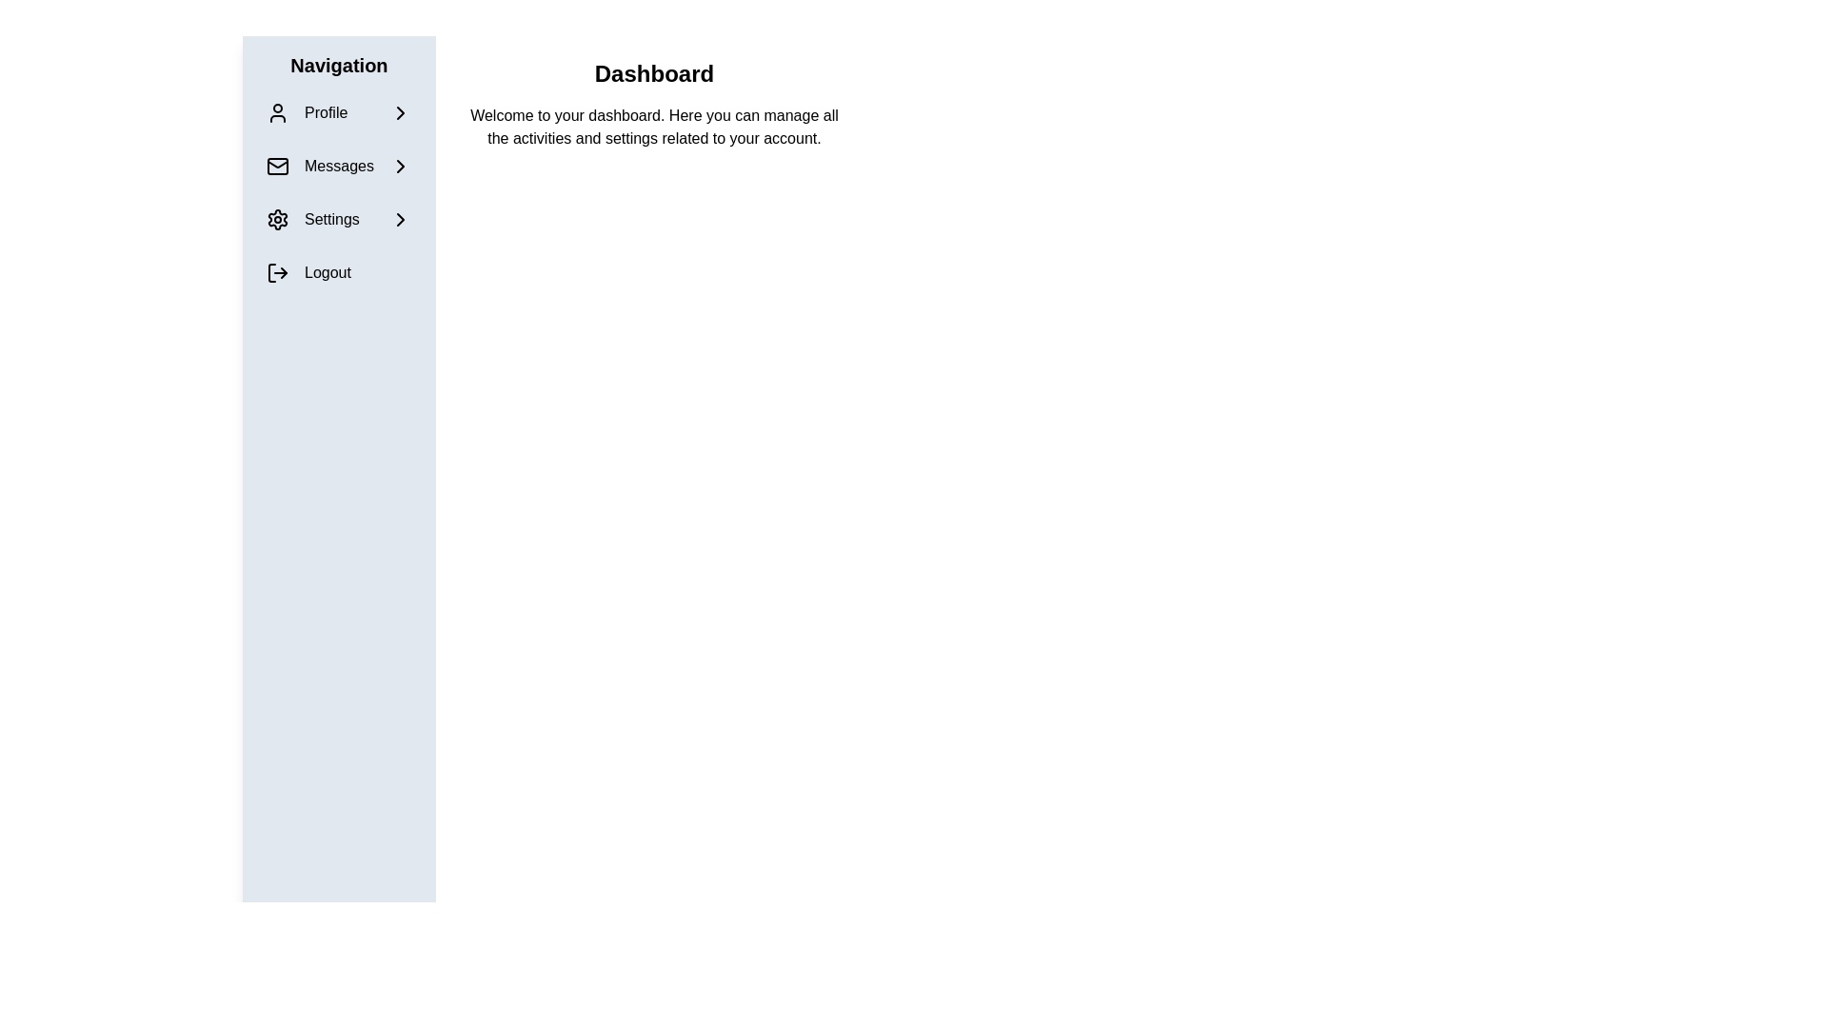 This screenshot has width=1828, height=1028. I want to click on the 'Settings' label located in the vertical navigation bar on the left side of the layout, so click(331, 219).